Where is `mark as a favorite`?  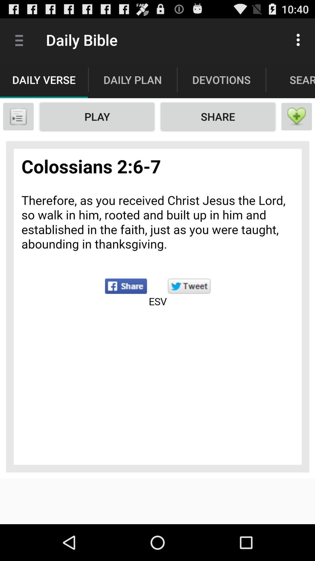
mark as a favorite is located at coordinates (297, 116).